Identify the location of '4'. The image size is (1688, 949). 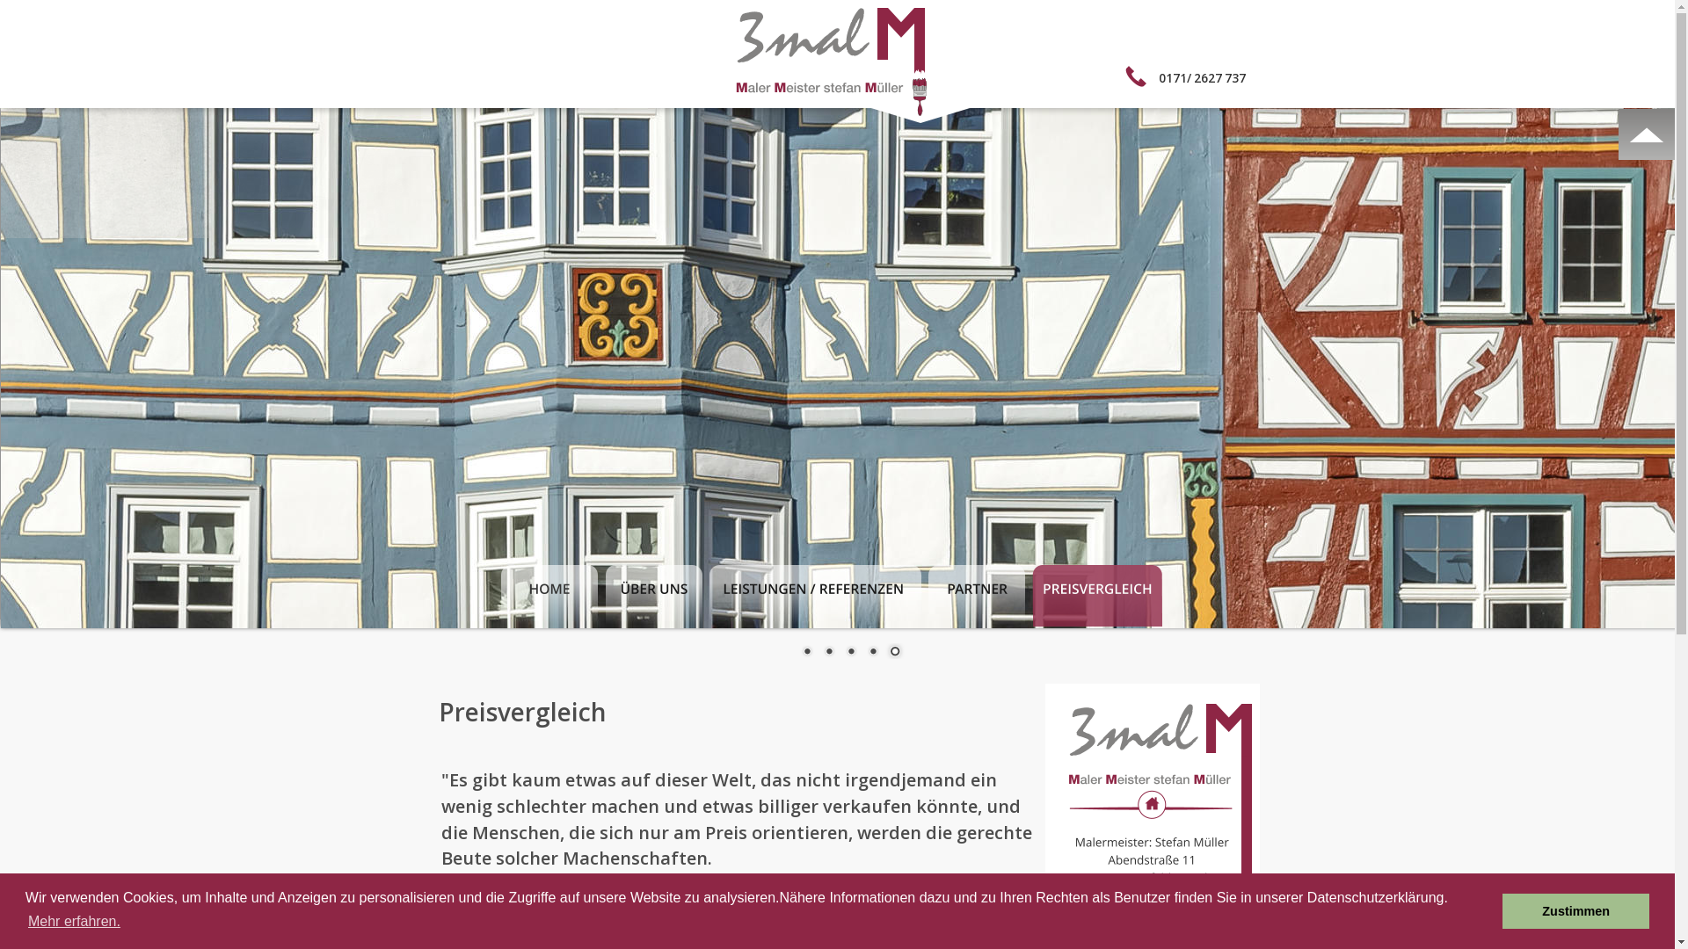
(863, 653).